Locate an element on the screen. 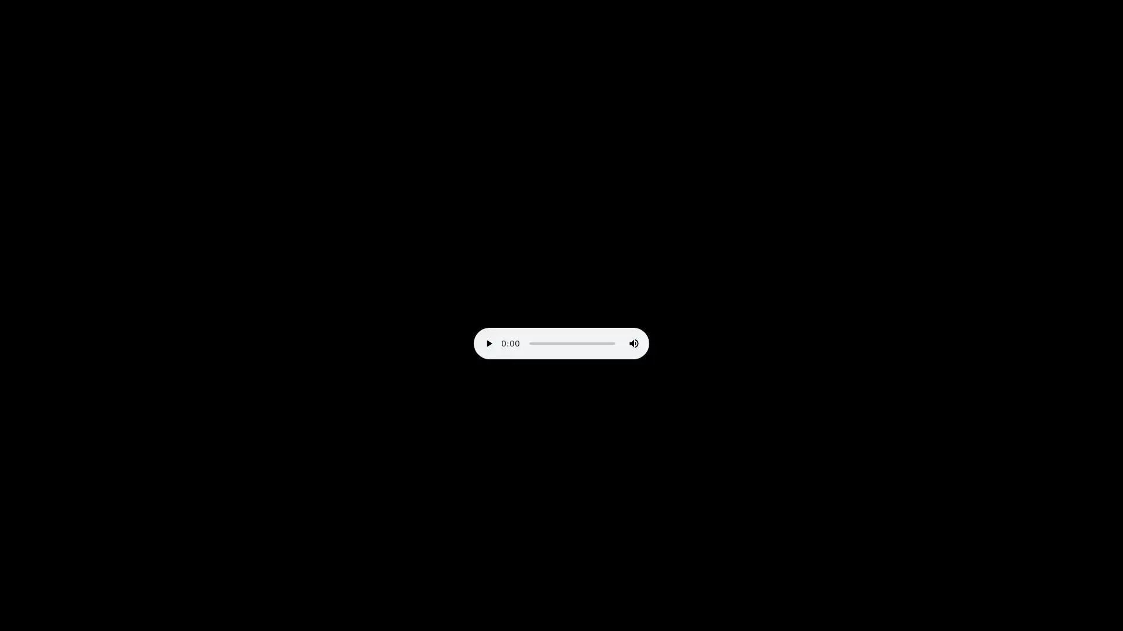 The height and width of the screenshot is (631, 1123). mute is located at coordinates (633, 342).